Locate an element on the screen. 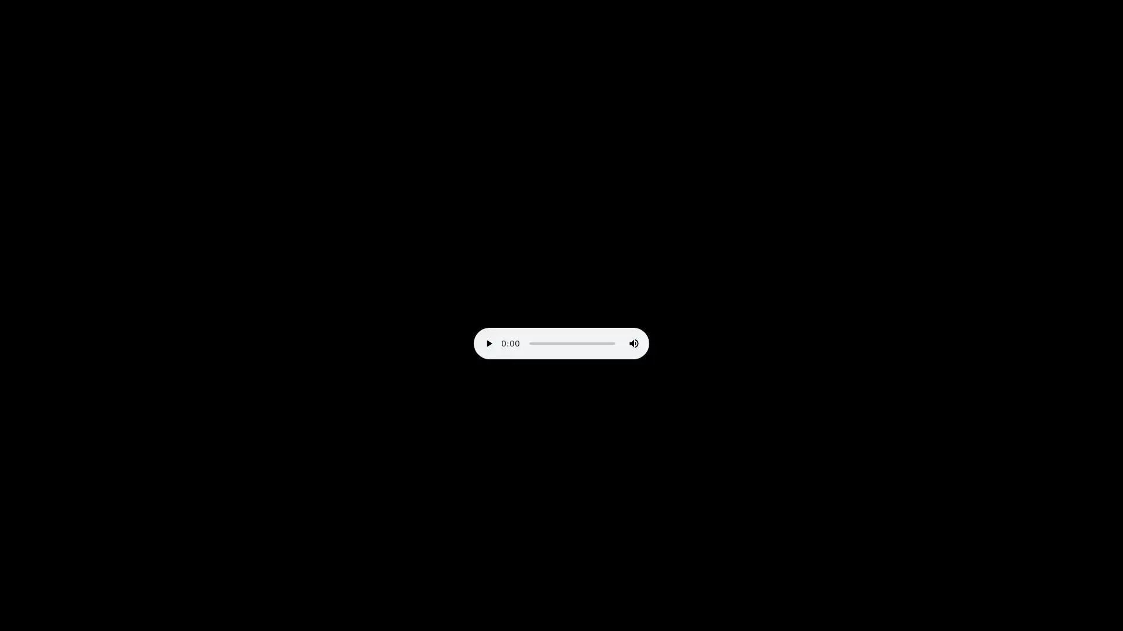 The height and width of the screenshot is (631, 1123). mute is located at coordinates (633, 342).